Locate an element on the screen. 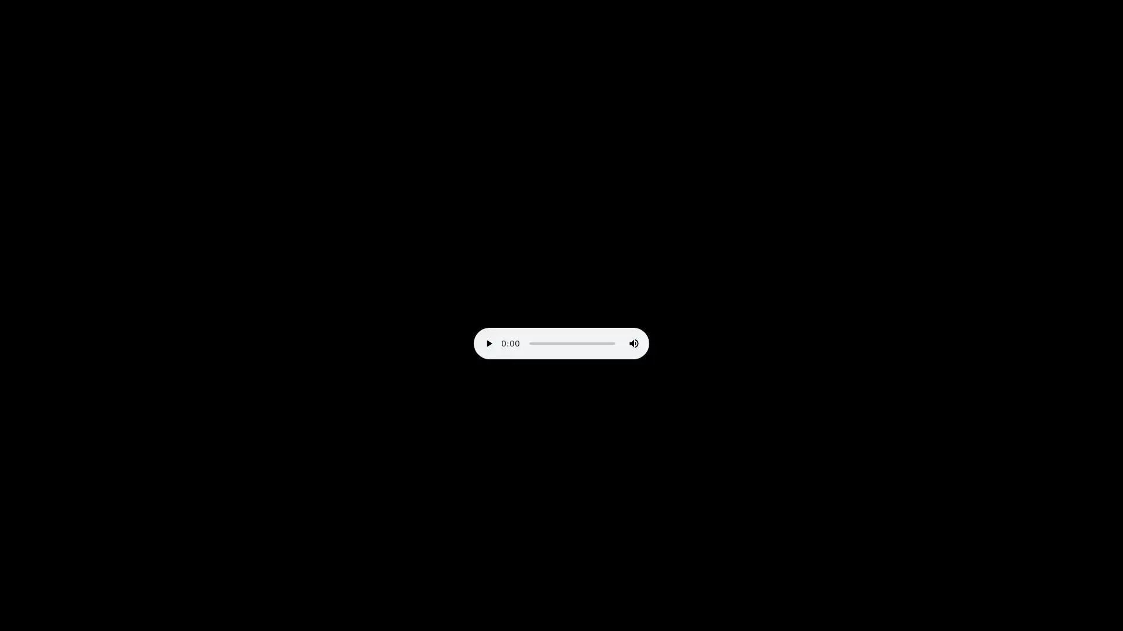 The height and width of the screenshot is (631, 1123). mute is located at coordinates (633, 342).